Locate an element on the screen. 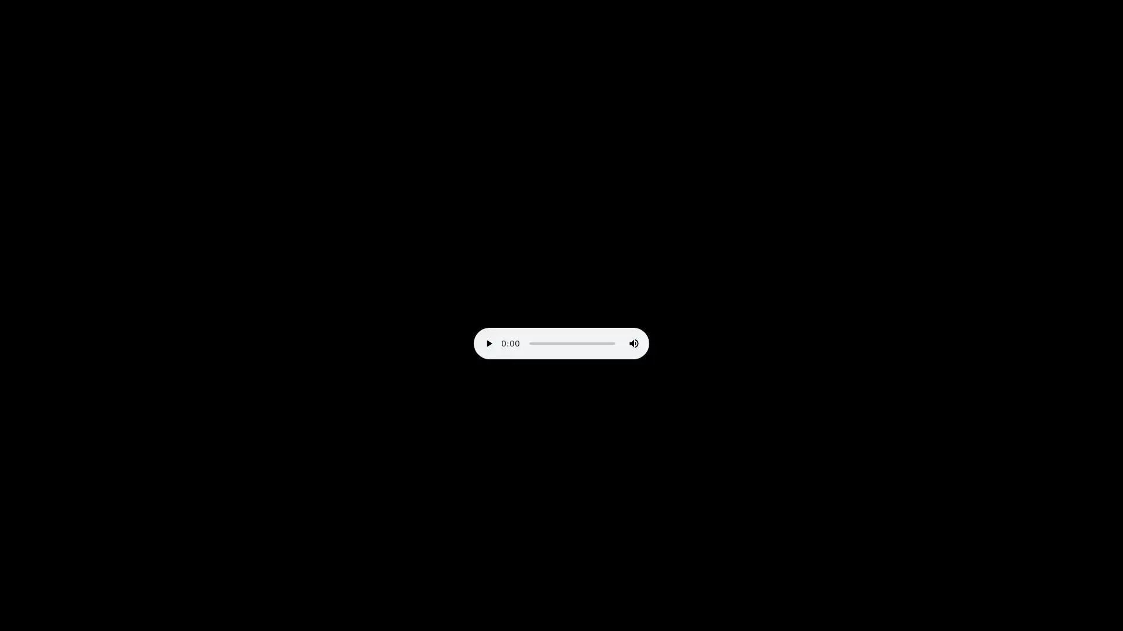 The height and width of the screenshot is (631, 1123). mute is located at coordinates (633, 342).